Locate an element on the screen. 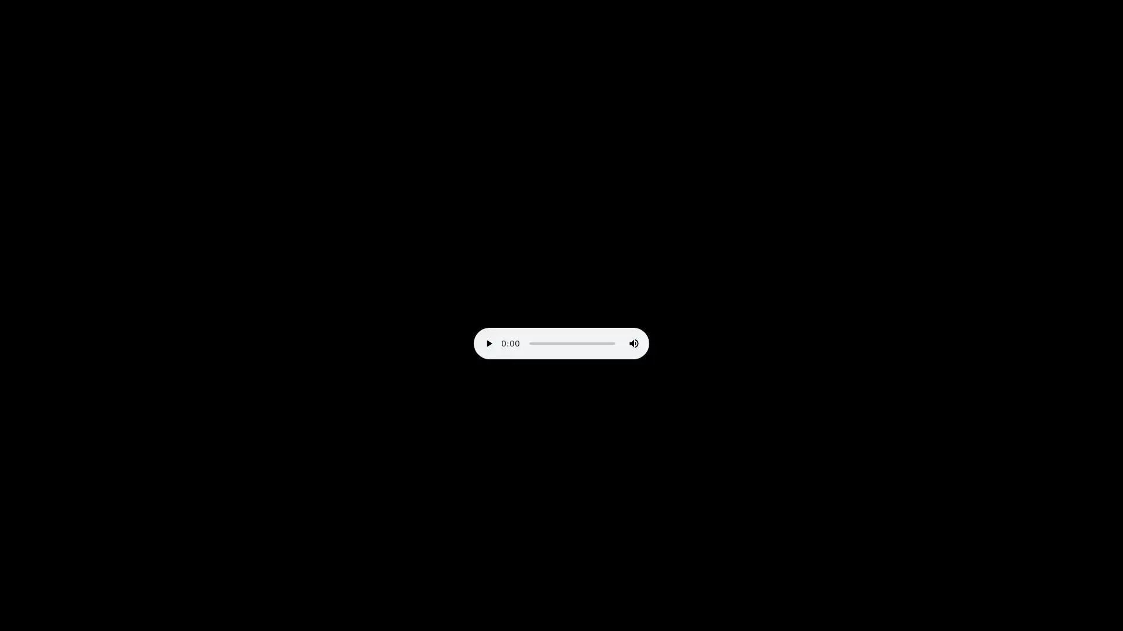 The height and width of the screenshot is (631, 1123). mute is located at coordinates (633, 342).